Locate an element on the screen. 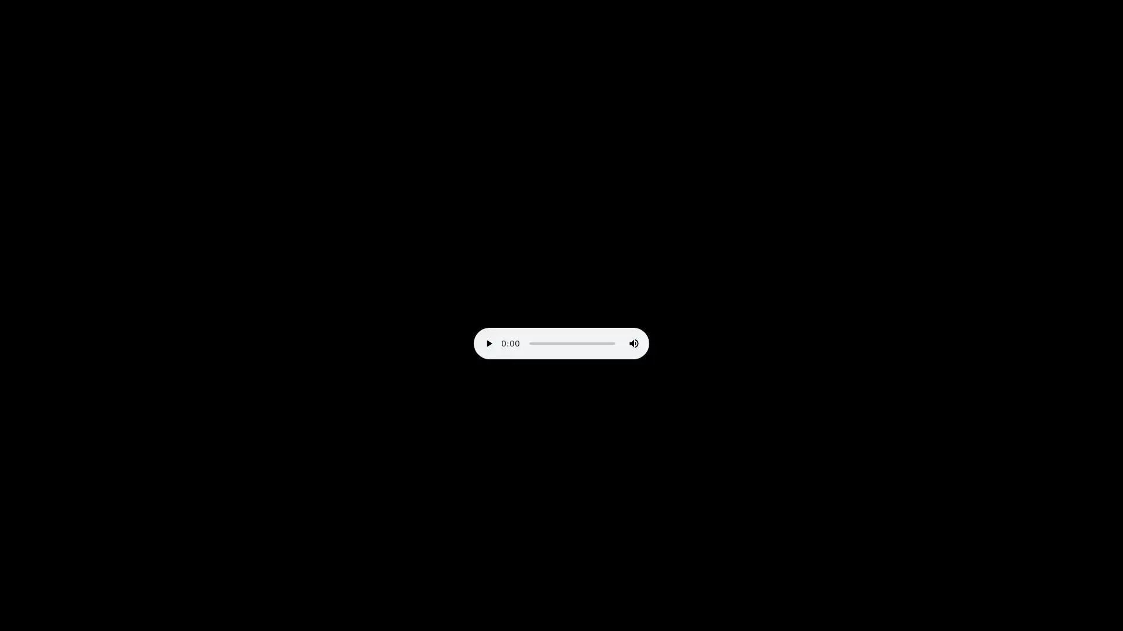 The height and width of the screenshot is (631, 1123). mute is located at coordinates (633, 342).